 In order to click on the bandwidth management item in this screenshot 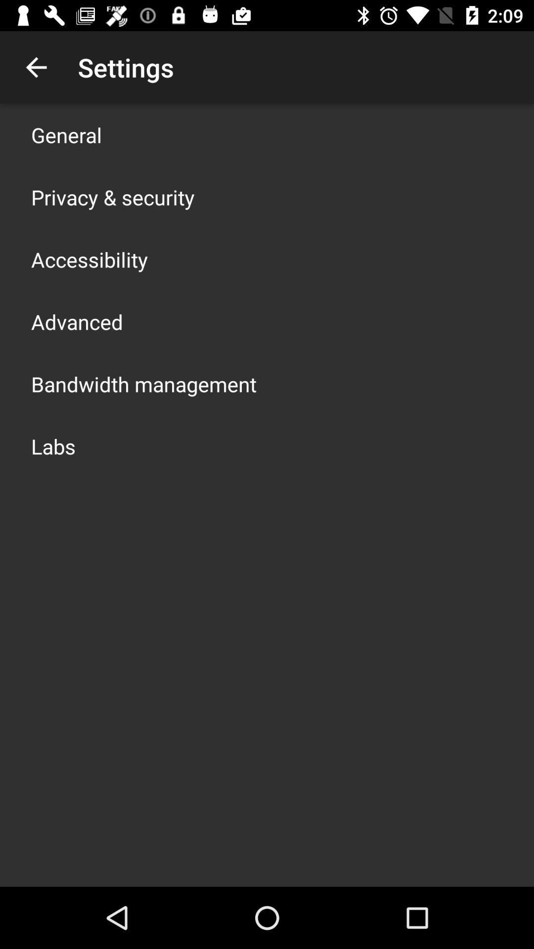, I will do `click(143, 384)`.